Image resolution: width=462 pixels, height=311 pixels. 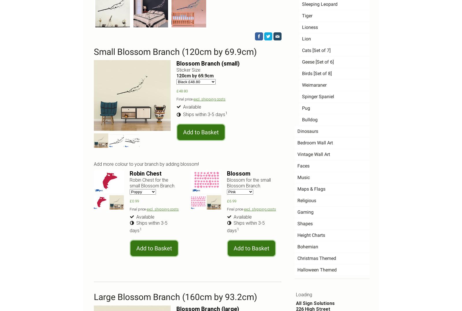 What do you see at coordinates (238, 173) in the screenshot?
I see `'Blossom'` at bounding box center [238, 173].